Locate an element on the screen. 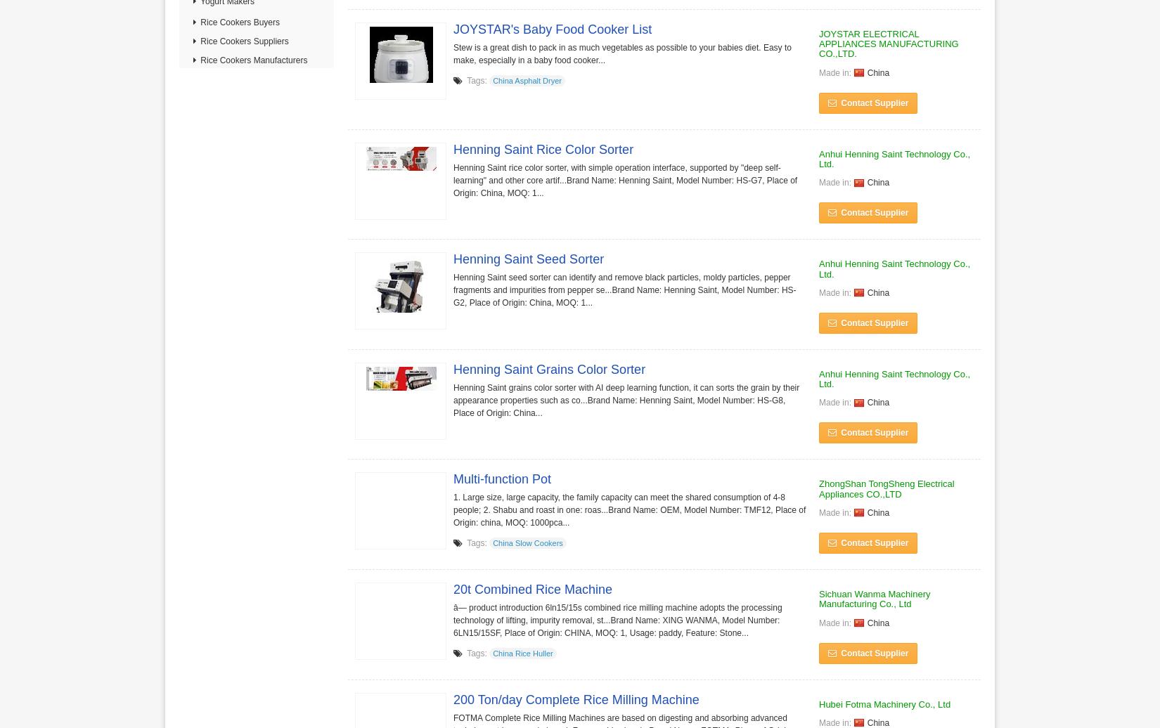  'Rice Cookers Buyers' is located at coordinates (239, 22).